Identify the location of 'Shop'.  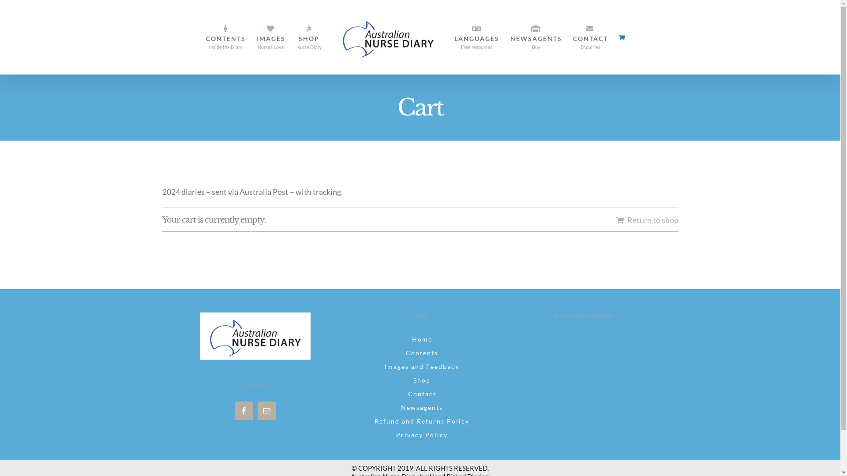
(419, 380).